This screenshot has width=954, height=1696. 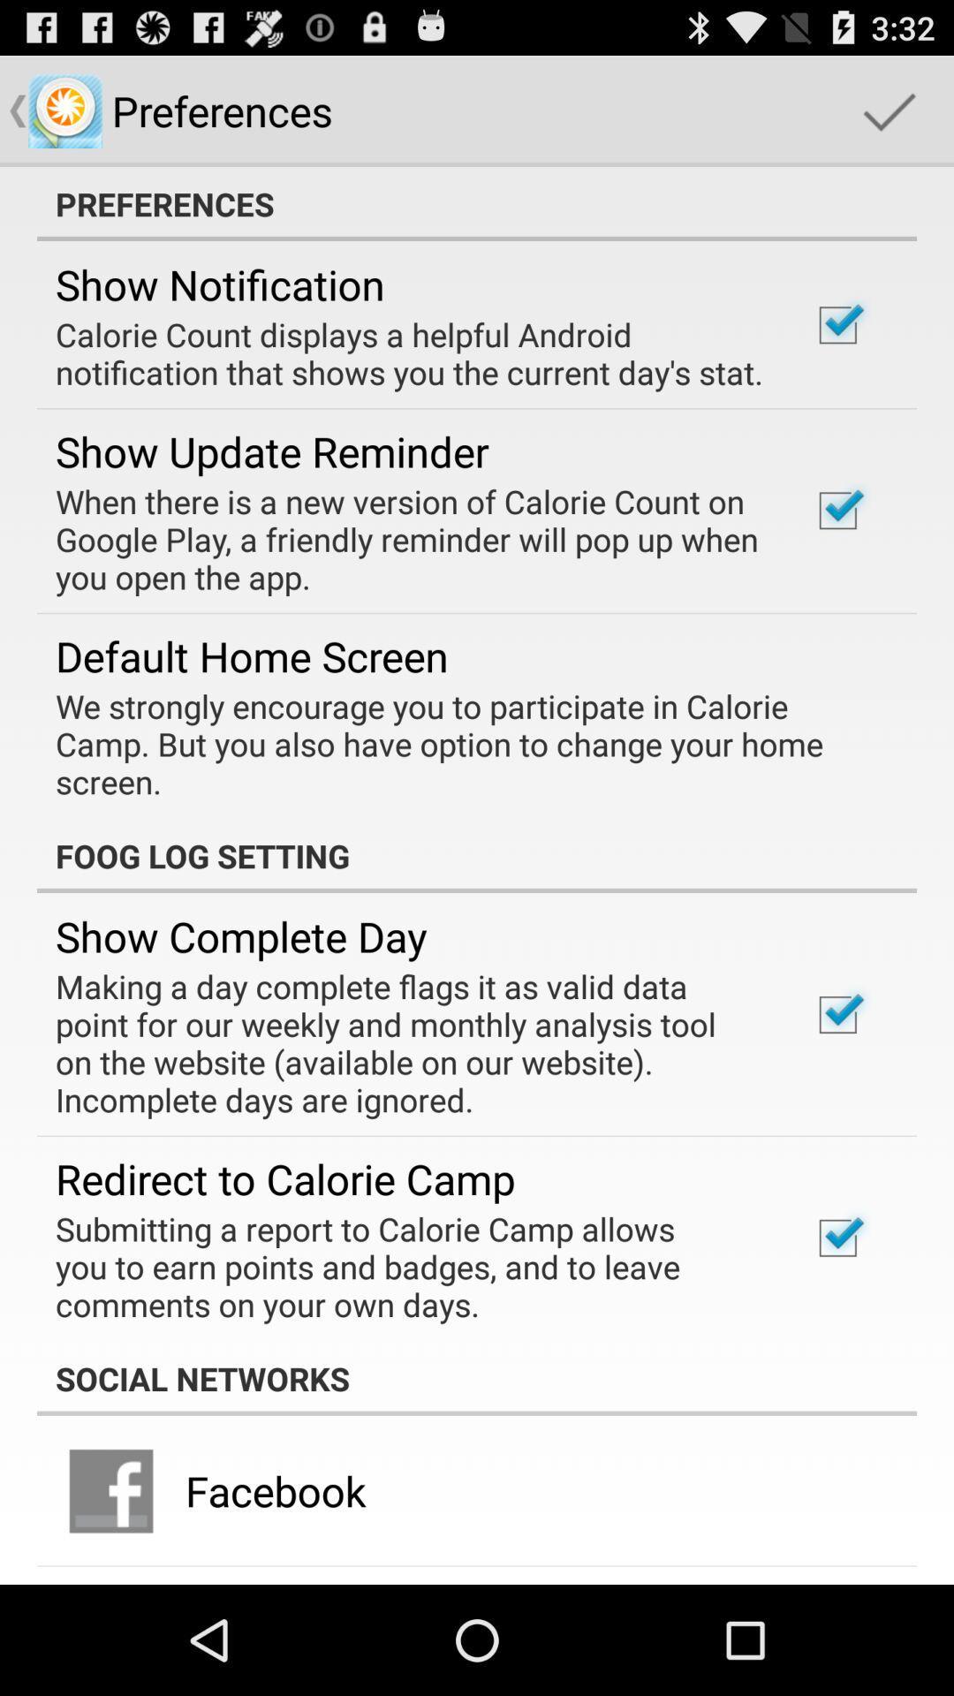 What do you see at coordinates (111, 1490) in the screenshot?
I see `the icon next to the facebook app` at bounding box center [111, 1490].